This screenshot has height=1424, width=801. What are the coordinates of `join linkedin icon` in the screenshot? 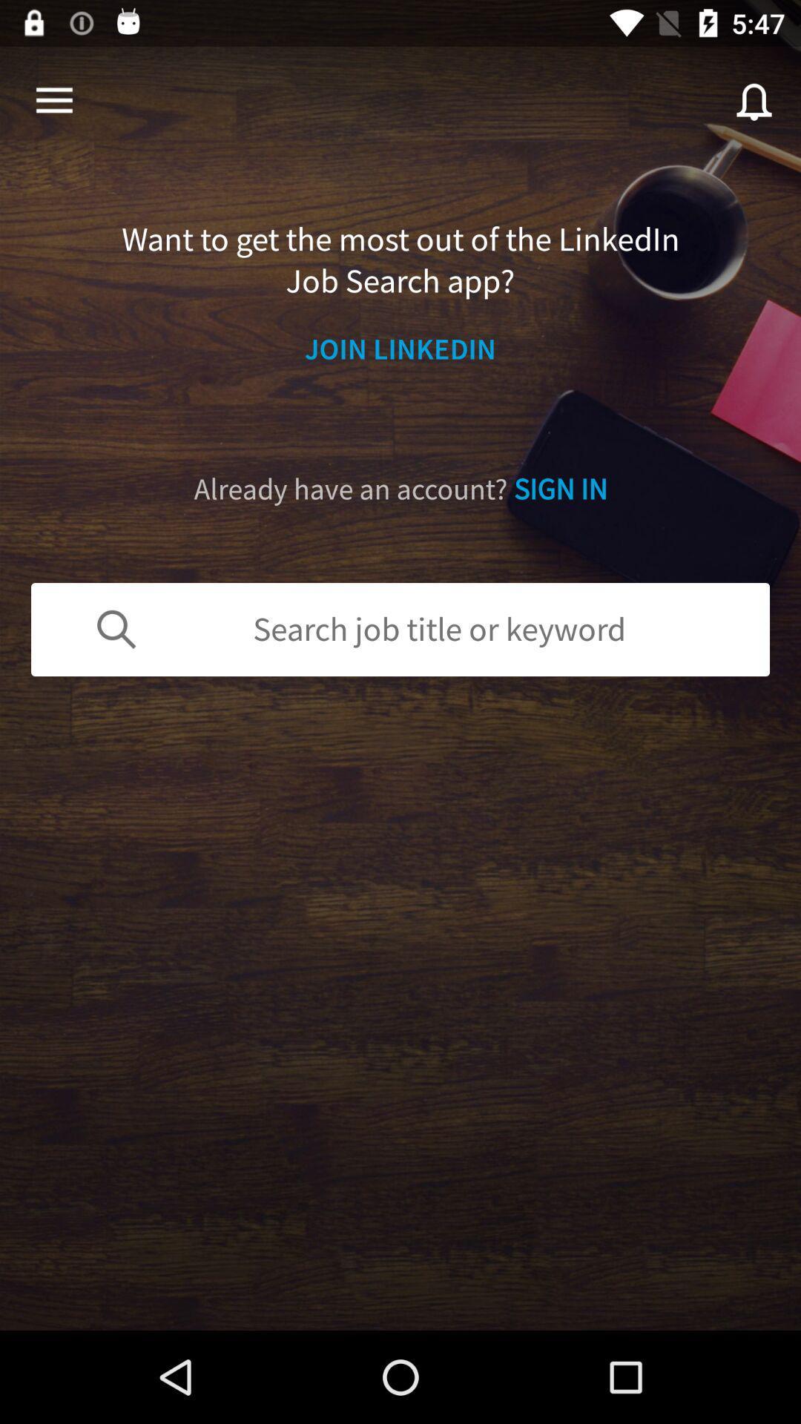 It's located at (400, 348).